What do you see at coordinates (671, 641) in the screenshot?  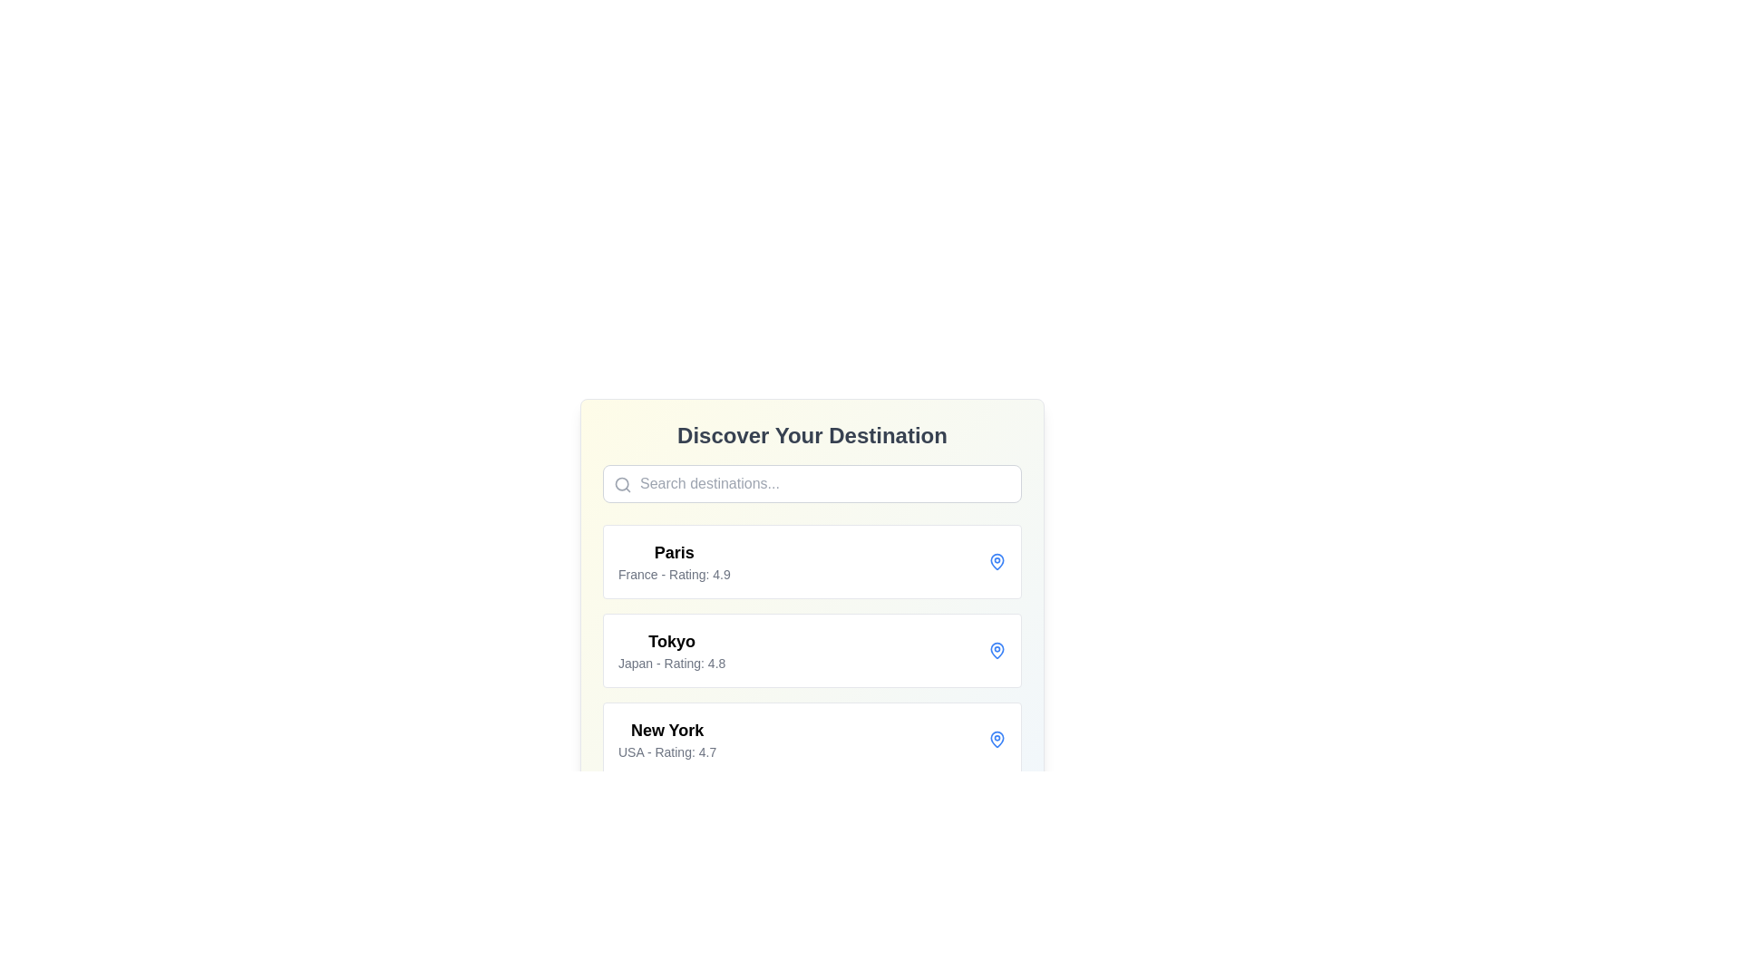 I see `the bolded black text label displaying 'Tokyo'` at bounding box center [671, 641].